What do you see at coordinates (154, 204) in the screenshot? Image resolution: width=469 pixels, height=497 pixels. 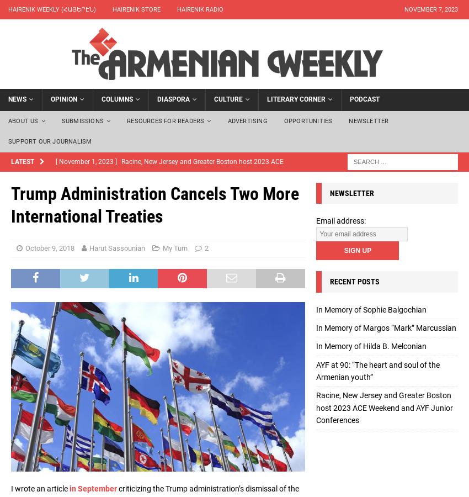 I see `'Trump Administration Cancels Two More International Treaties'` at bounding box center [154, 204].